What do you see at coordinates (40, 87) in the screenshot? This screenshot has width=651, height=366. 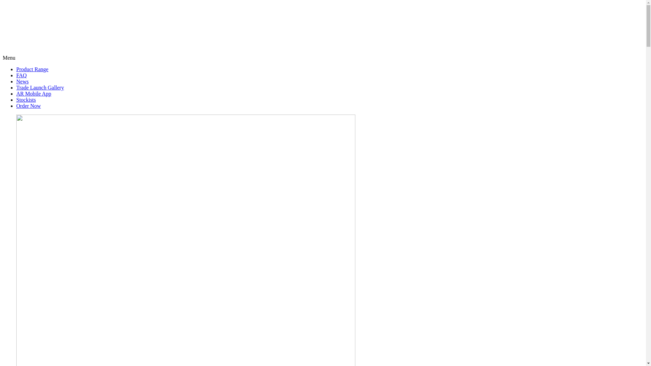 I see `'Trade Launch Gallery'` at bounding box center [40, 87].